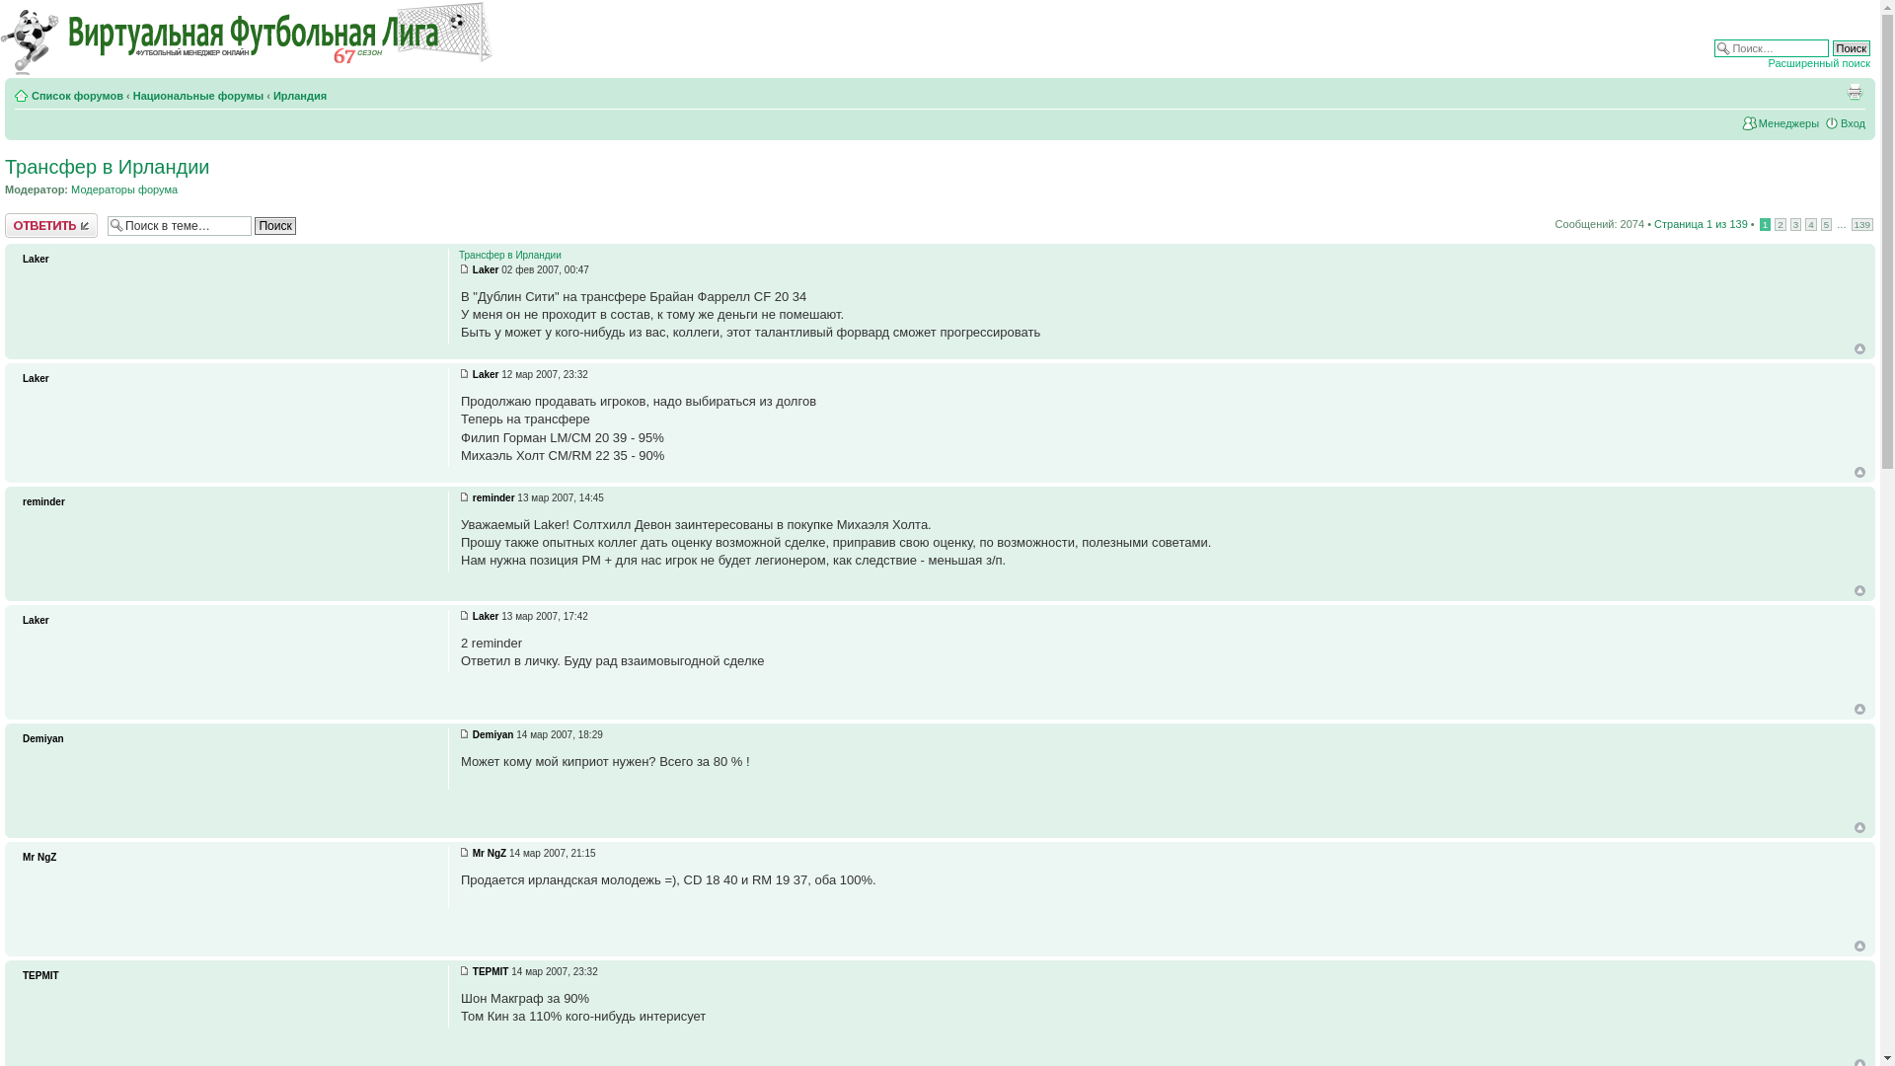 The height and width of the screenshot is (1066, 1895). What do you see at coordinates (1804, 223) in the screenshot?
I see `'4'` at bounding box center [1804, 223].